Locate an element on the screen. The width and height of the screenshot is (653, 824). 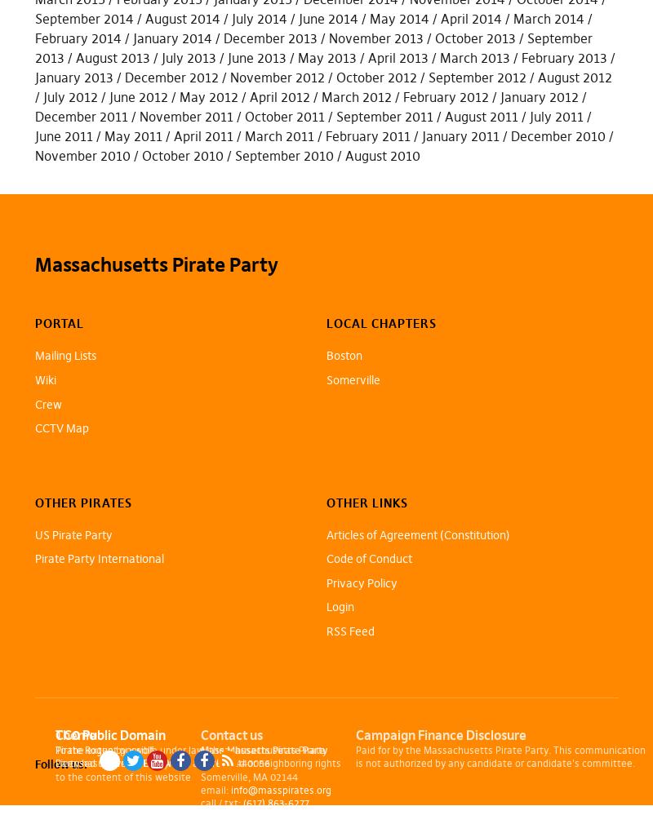
'RSS Feed' is located at coordinates (350, 631).